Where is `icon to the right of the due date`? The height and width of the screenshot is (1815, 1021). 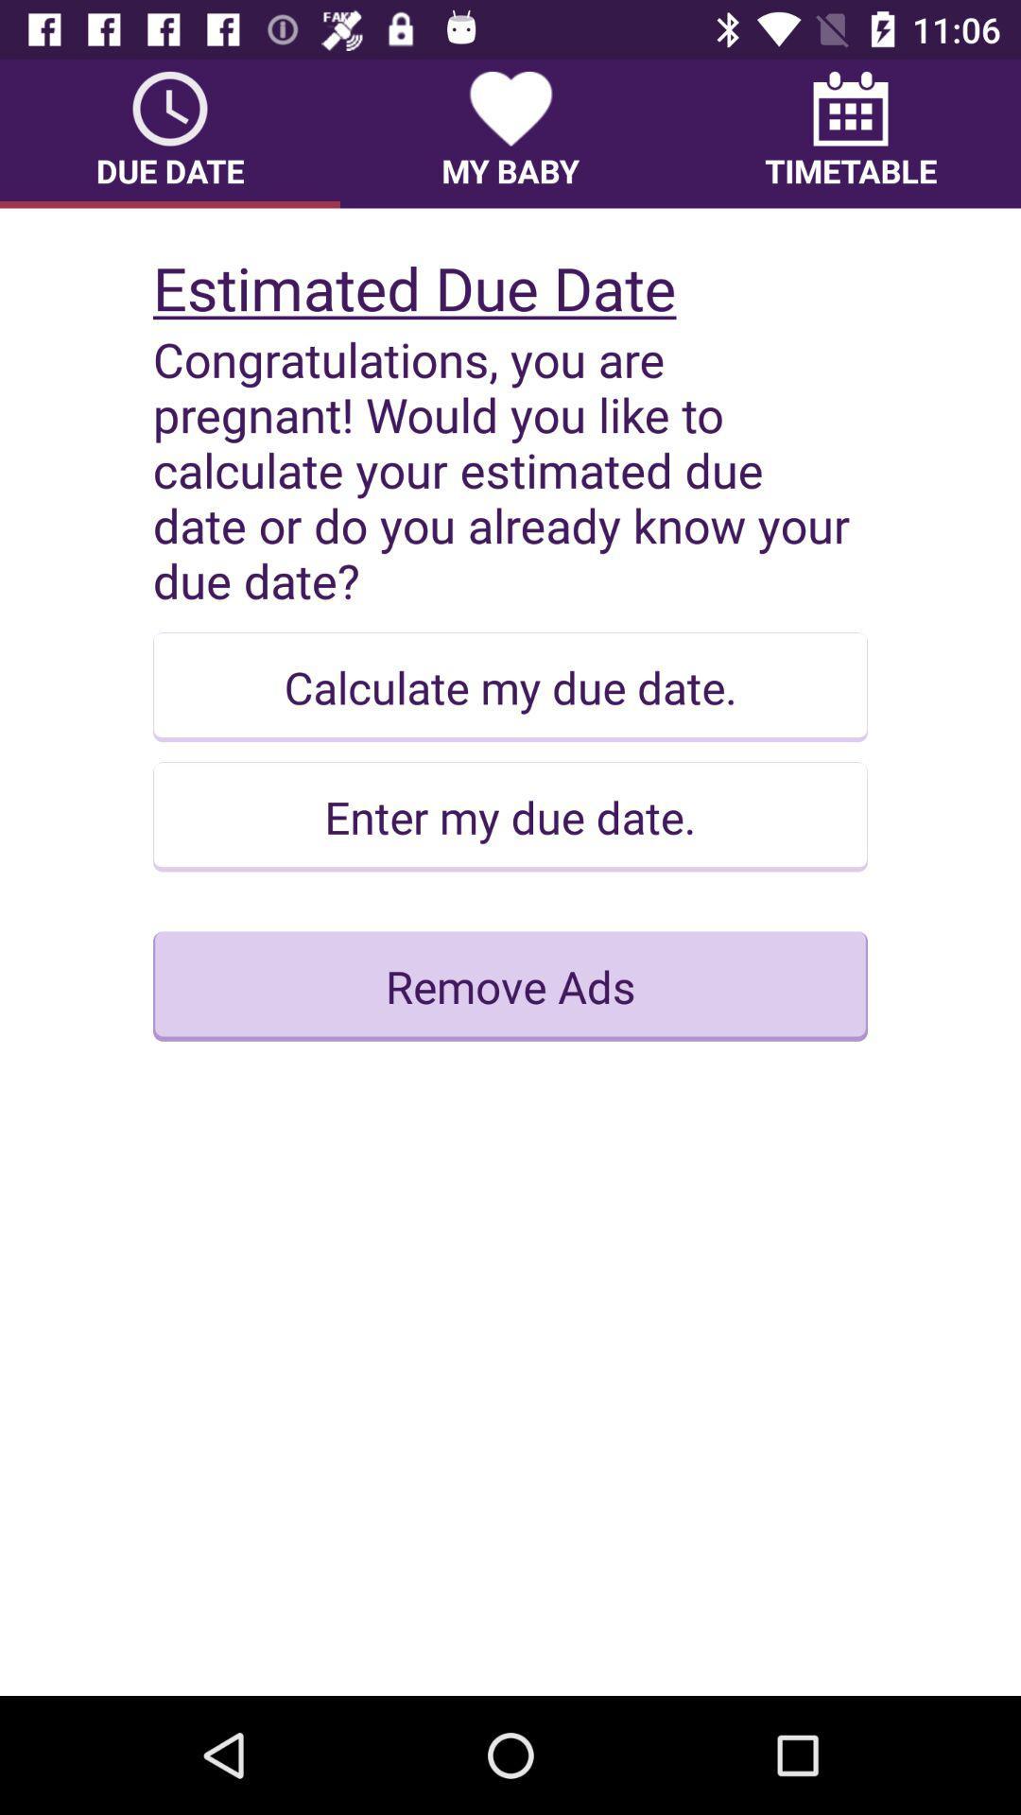
icon to the right of the due date is located at coordinates (510, 132).